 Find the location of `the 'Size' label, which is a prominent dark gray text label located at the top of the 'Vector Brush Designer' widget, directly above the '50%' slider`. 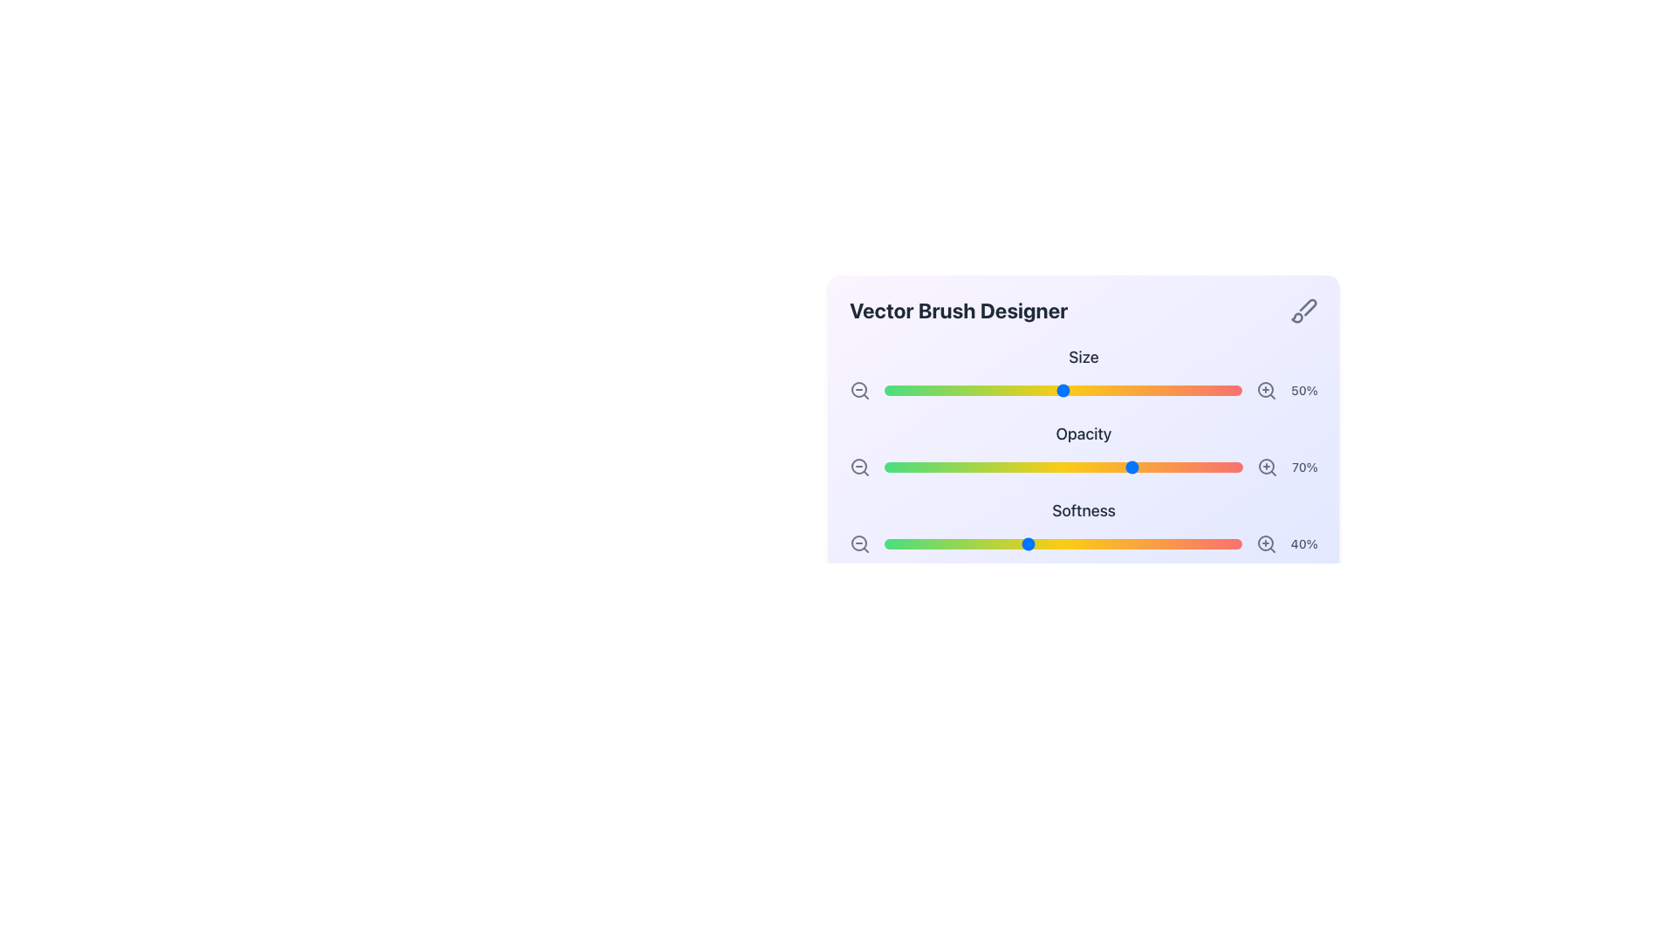

the 'Size' label, which is a prominent dark gray text label located at the top of the 'Vector Brush Designer' widget, directly above the '50%' slider is located at coordinates (1083, 356).